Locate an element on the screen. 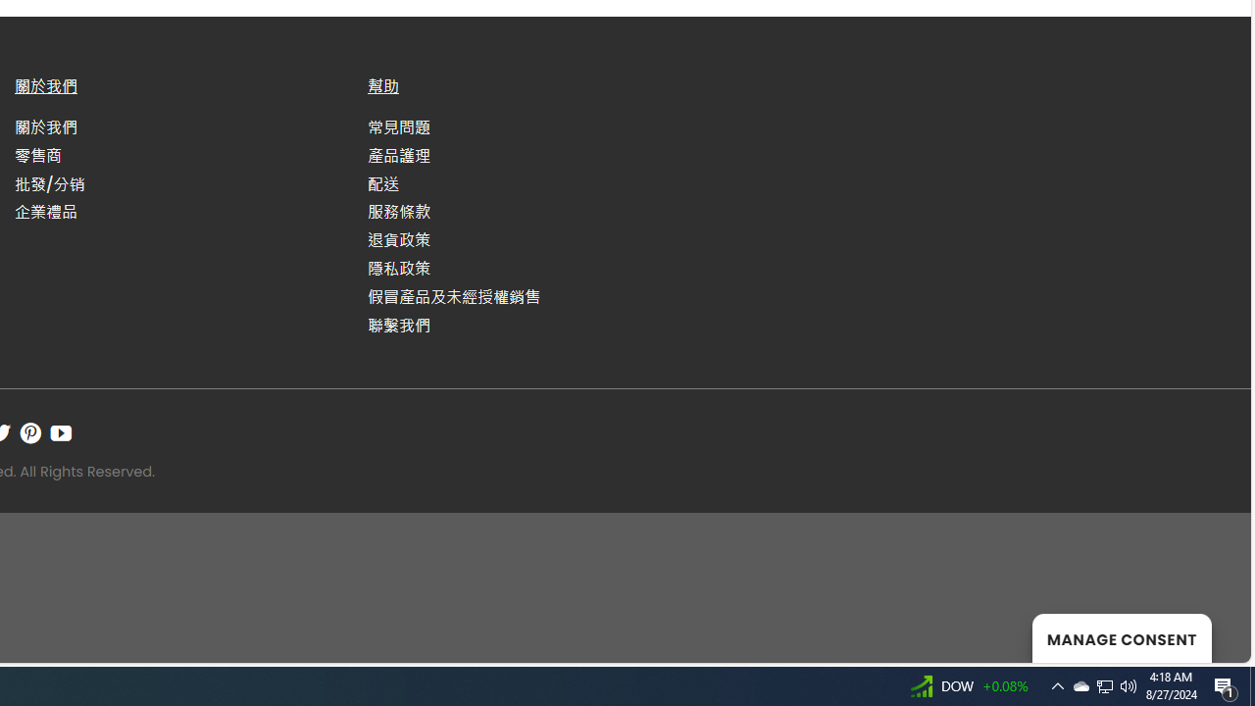 This screenshot has width=1255, height=706. 'MANAGE CONSENT' is located at coordinates (1122, 637).